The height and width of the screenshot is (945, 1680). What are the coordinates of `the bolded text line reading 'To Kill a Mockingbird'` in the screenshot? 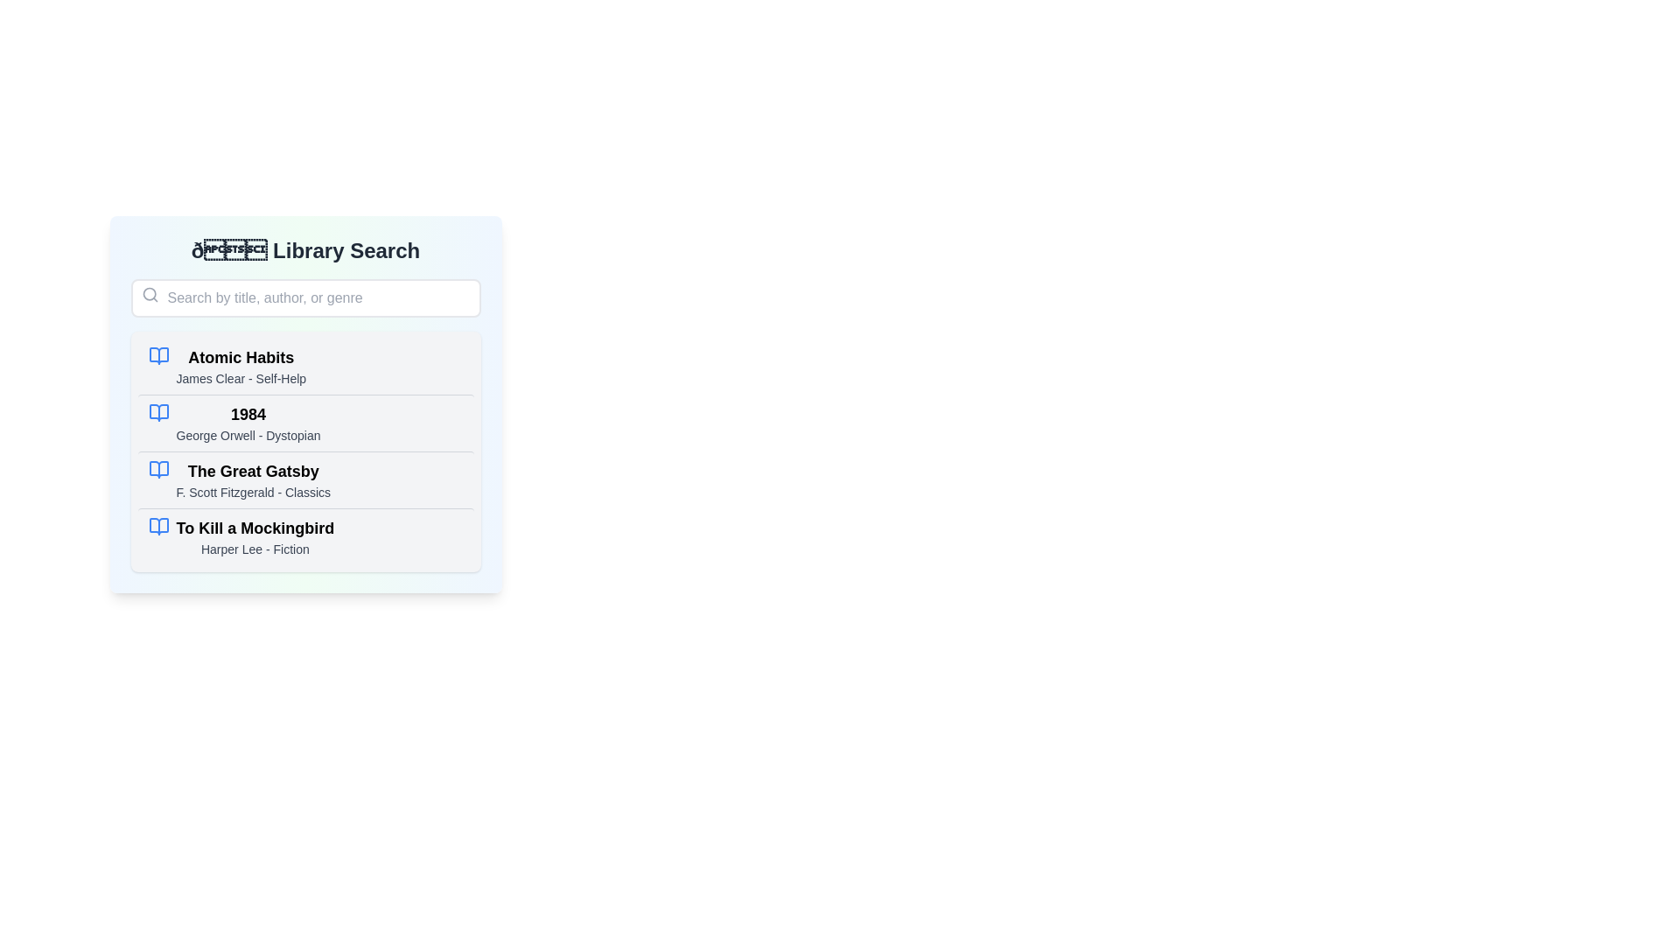 It's located at (254, 528).